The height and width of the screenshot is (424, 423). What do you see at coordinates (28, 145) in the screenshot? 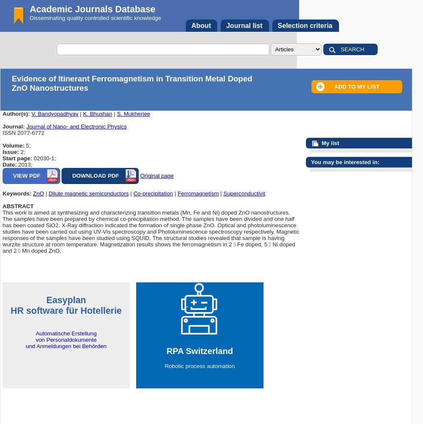
I see `'5;'` at bounding box center [28, 145].